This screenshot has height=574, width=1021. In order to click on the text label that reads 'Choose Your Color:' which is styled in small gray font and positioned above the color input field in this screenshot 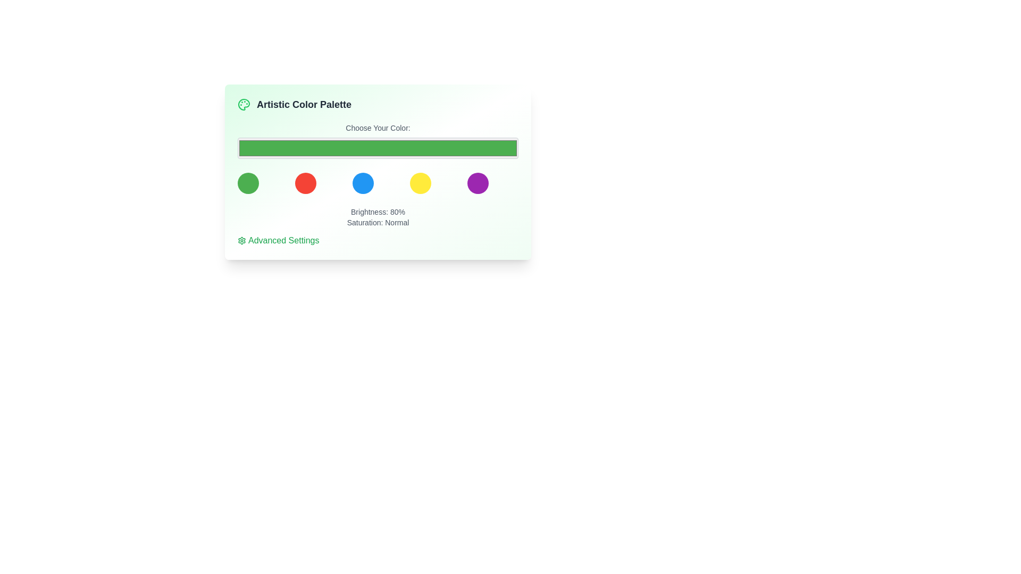, I will do `click(378, 127)`.